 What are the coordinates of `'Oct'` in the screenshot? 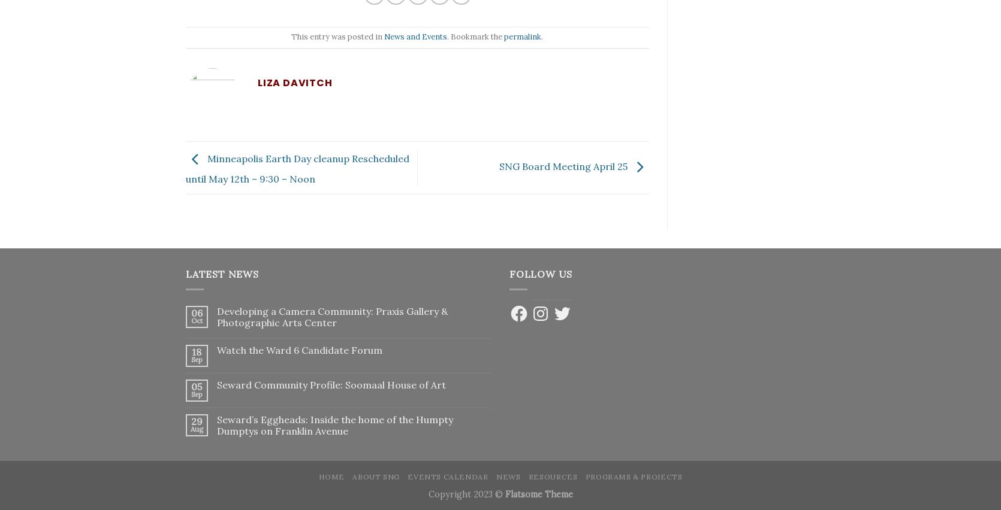 It's located at (195, 320).